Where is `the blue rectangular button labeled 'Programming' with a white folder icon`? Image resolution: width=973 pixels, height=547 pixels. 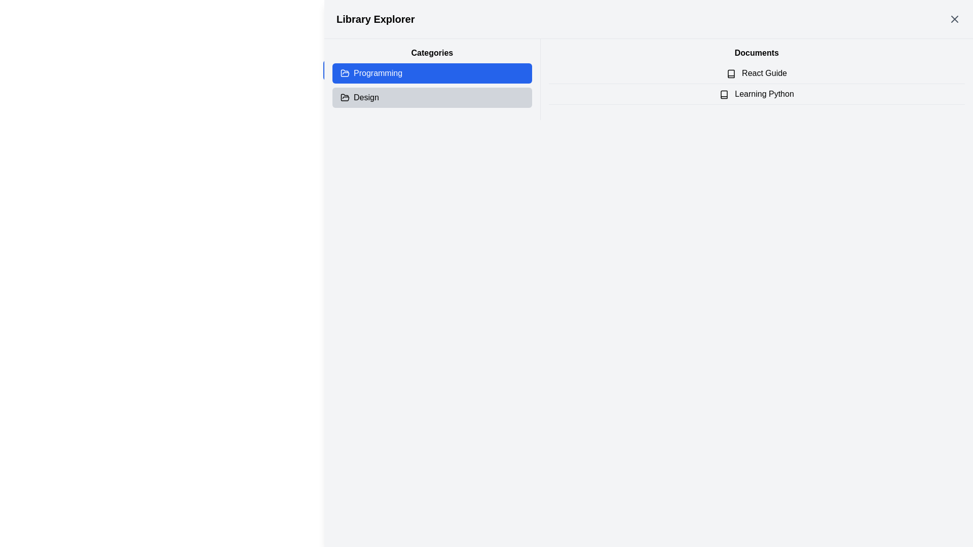
the blue rectangular button labeled 'Programming' with a white folder icon is located at coordinates (432, 79).